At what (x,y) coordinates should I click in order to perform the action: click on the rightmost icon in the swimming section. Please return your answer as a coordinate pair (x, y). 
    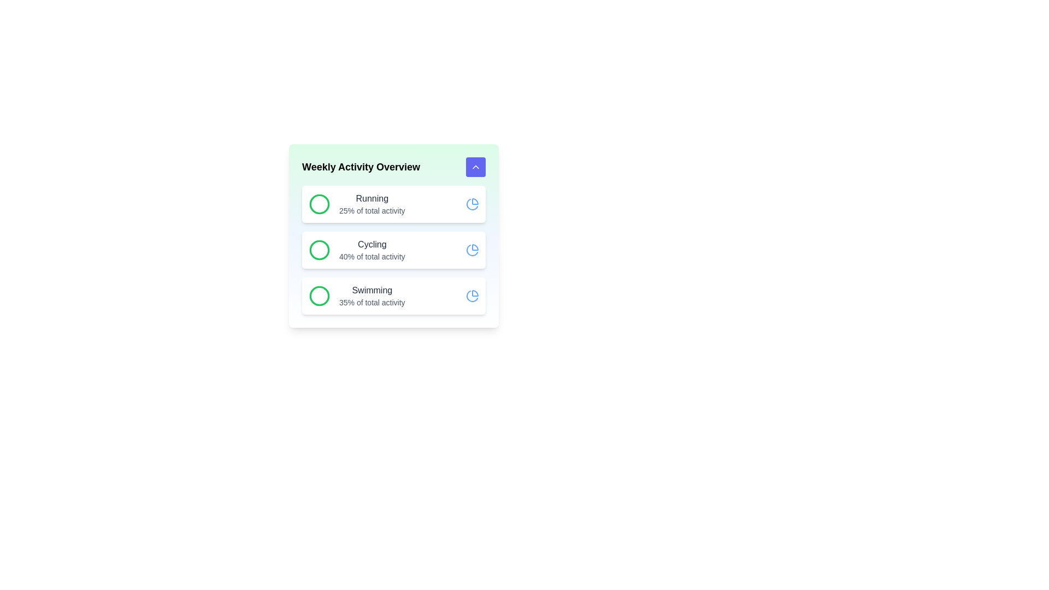
    Looking at the image, I should click on (472, 296).